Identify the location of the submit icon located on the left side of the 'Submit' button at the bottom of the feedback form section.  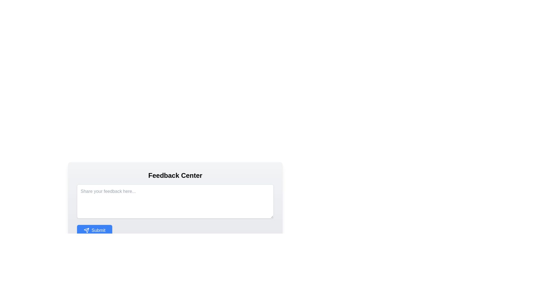
(86, 230).